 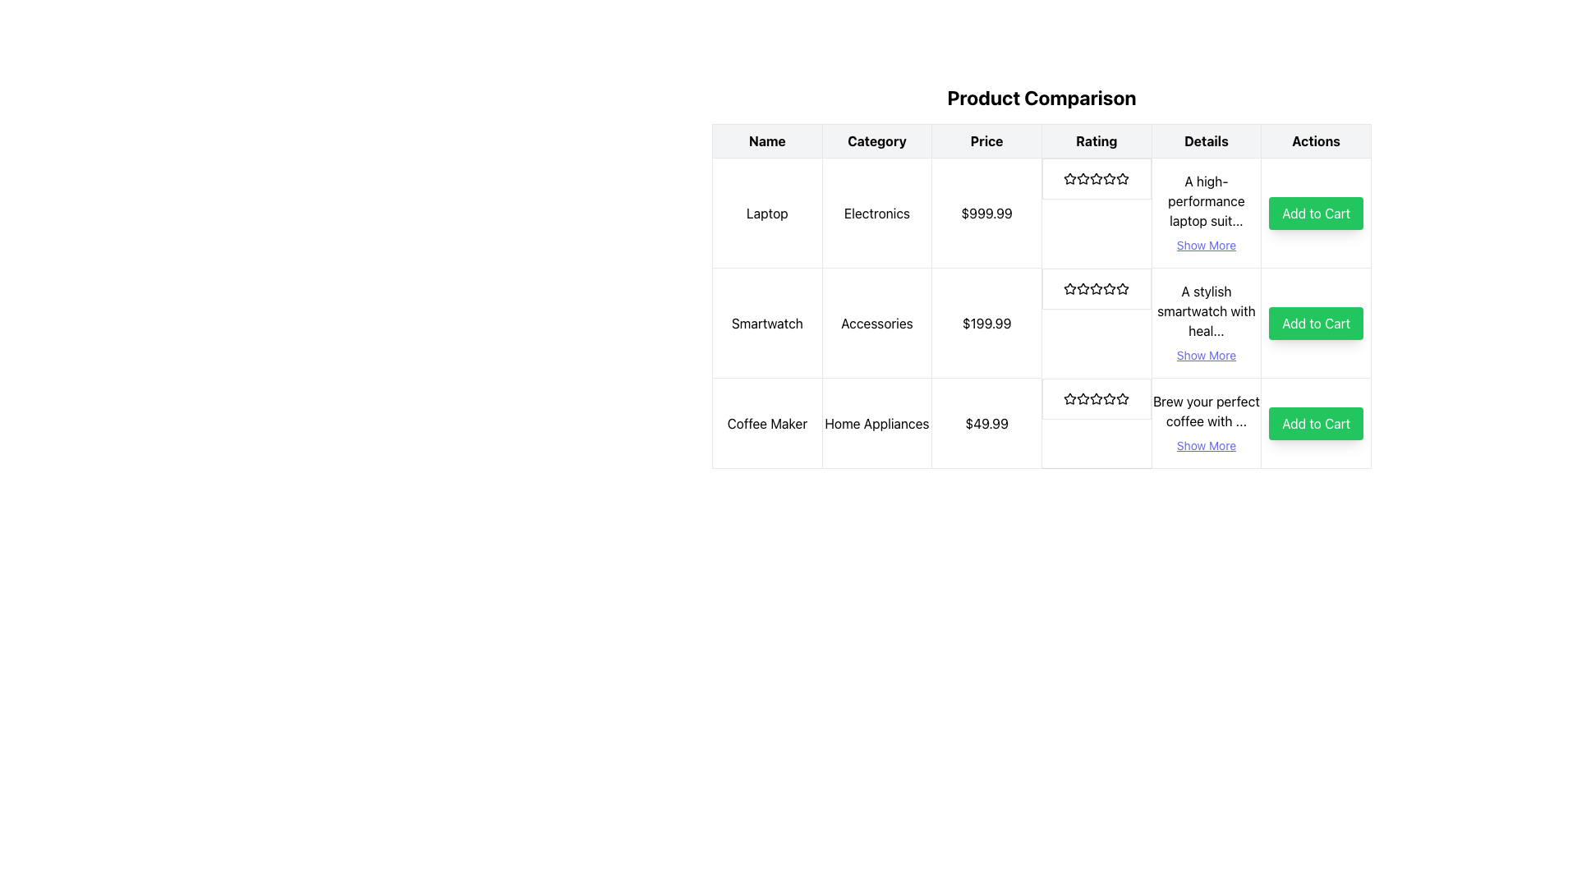 What do you see at coordinates (1097, 398) in the screenshot?
I see `the Rating bar element in the third row of the table, which consists of five star icons with the third star highlighted` at bounding box center [1097, 398].